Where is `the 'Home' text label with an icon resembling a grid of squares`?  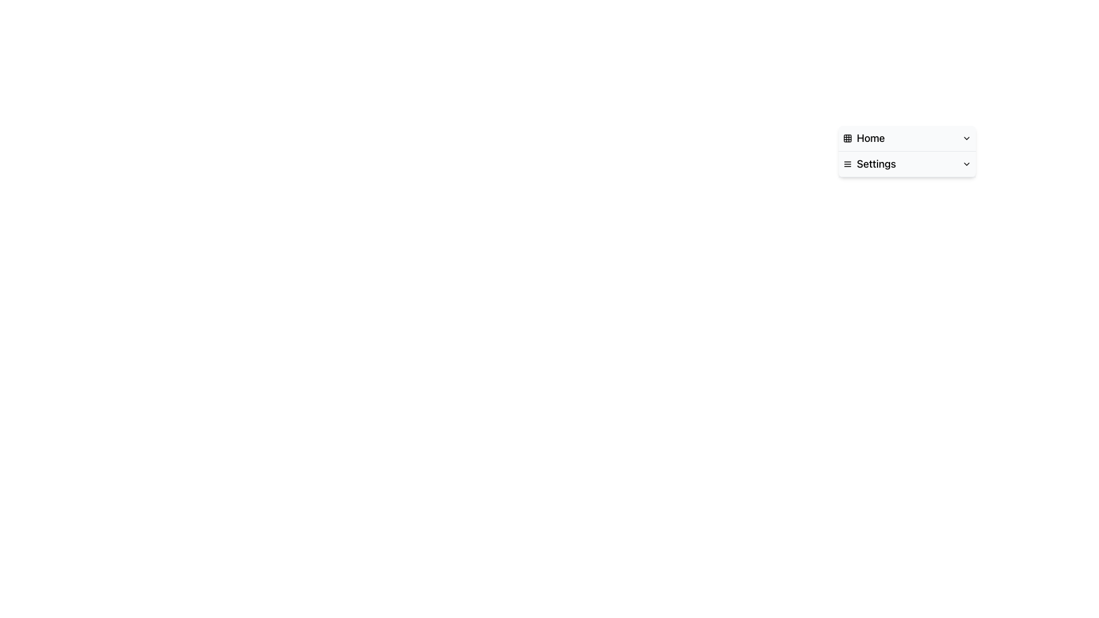 the 'Home' text label with an icon resembling a grid of squares is located at coordinates (864, 138).